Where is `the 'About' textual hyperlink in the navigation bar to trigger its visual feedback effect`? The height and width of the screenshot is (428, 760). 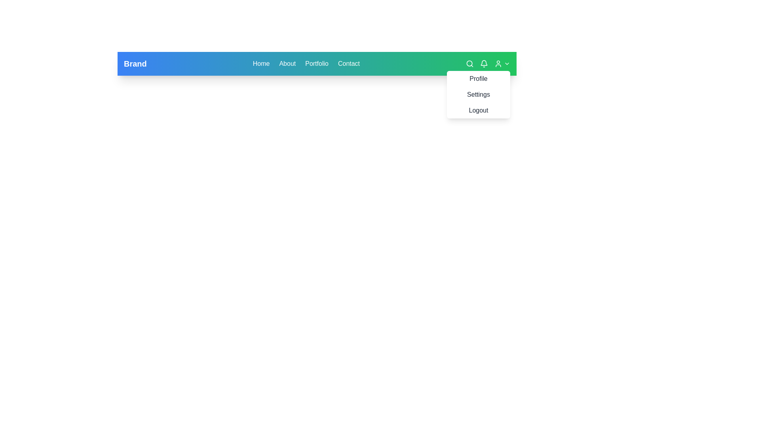
the 'About' textual hyperlink in the navigation bar to trigger its visual feedback effect is located at coordinates (287, 63).